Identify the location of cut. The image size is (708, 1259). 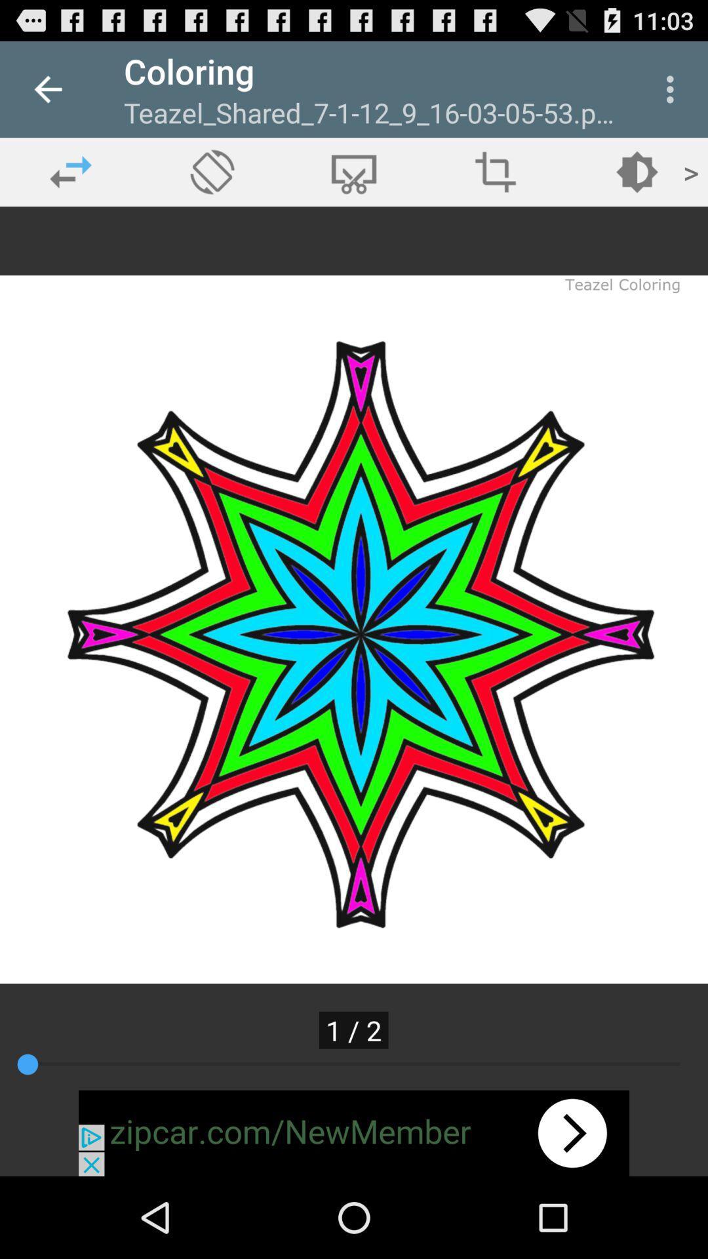
(354, 171).